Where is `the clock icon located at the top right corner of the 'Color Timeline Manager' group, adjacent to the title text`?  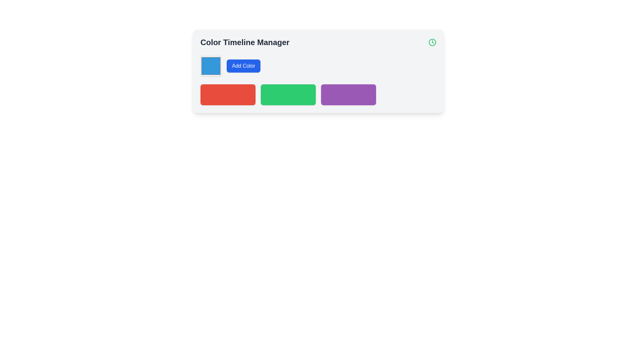 the clock icon located at the top right corner of the 'Color Timeline Manager' group, adjacent to the title text is located at coordinates (432, 42).